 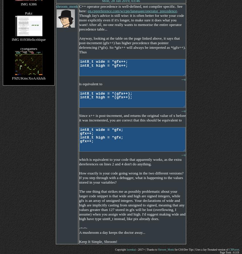 What do you see at coordinates (132, 11) in the screenshot?
I see `'en.cppreference.com/w/cpp/language/operator_precedence'` at bounding box center [132, 11].